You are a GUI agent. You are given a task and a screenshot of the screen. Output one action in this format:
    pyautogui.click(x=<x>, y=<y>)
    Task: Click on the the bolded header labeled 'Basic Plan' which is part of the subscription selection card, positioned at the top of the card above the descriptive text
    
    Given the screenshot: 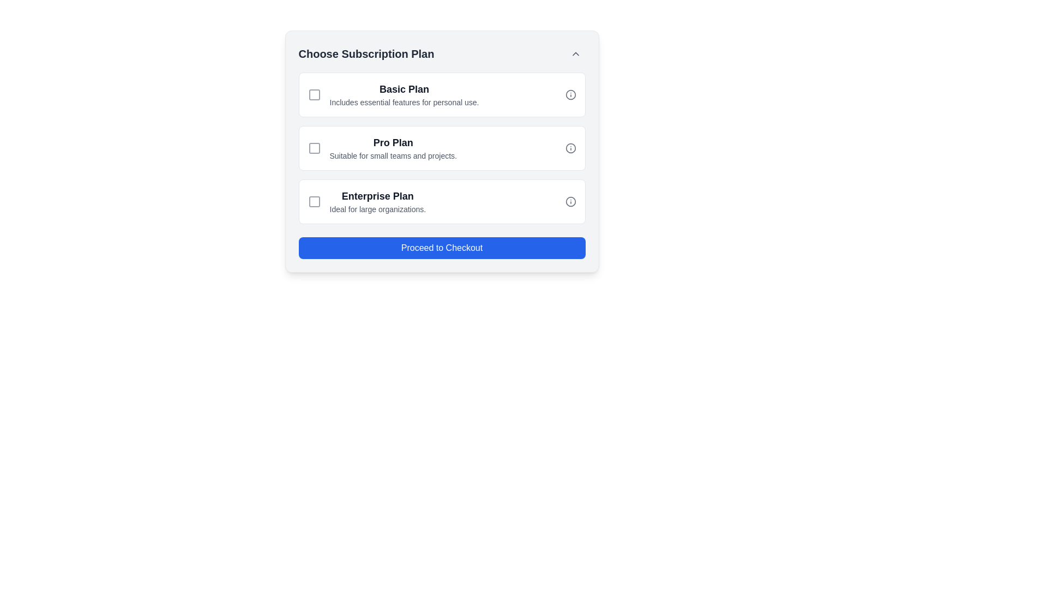 What is the action you would take?
    pyautogui.click(x=404, y=89)
    